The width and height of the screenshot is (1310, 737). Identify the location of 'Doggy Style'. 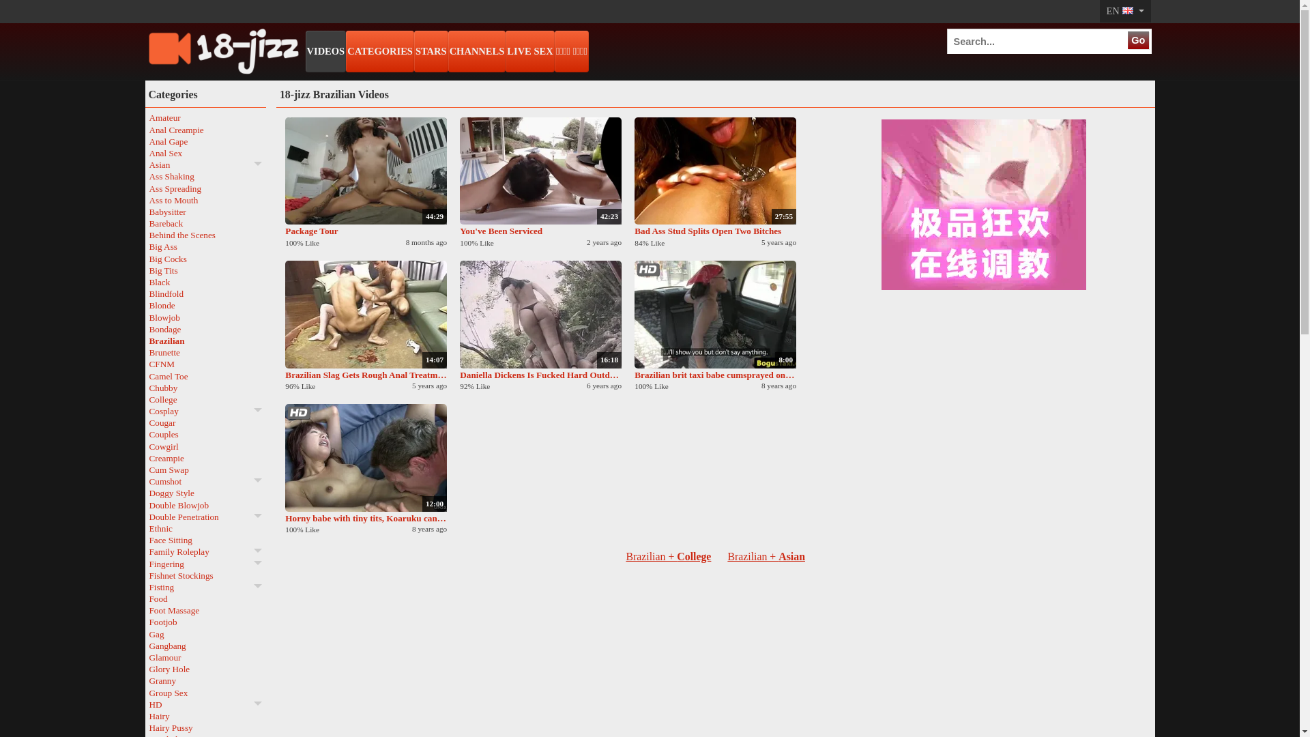
(205, 493).